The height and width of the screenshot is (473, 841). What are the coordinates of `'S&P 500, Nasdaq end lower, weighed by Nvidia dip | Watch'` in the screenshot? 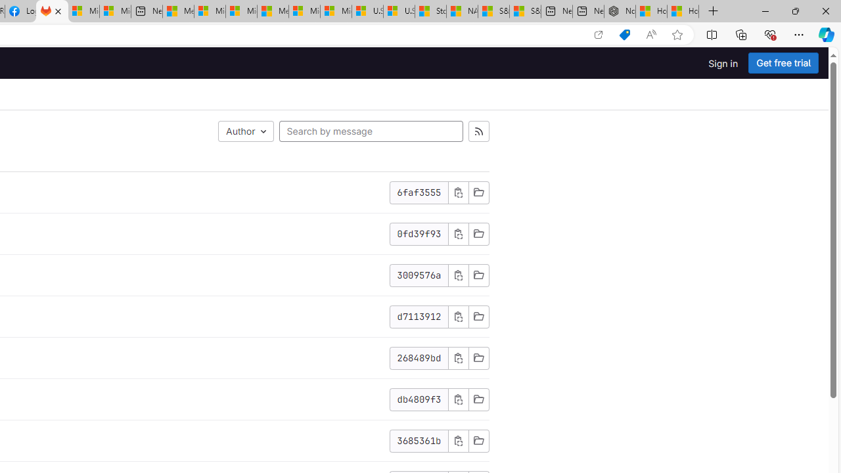 It's located at (524, 11).